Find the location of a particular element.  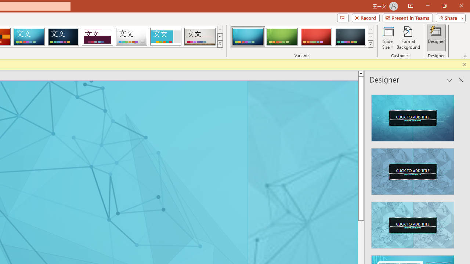

'Circuit Variant 3' is located at coordinates (316, 37).